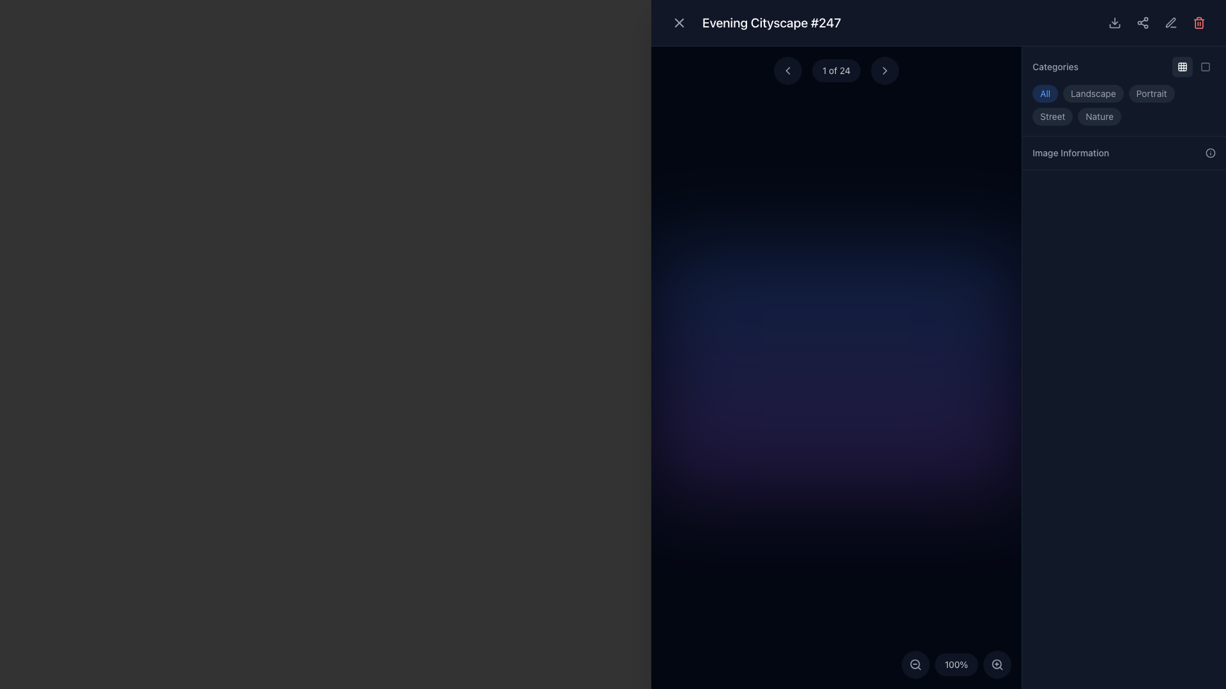  I want to click on the 'Delete' icon located in the top-right corner of the interface, which is part of a group of action icons, so click(1198, 22).